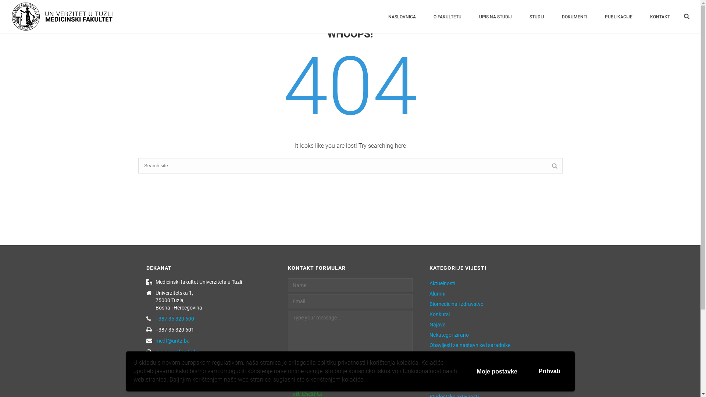 The width and height of the screenshot is (706, 397). What do you see at coordinates (449, 335) in the screenshot?
I see `'Nekategorizirano'` at bounding box center [449, 335].